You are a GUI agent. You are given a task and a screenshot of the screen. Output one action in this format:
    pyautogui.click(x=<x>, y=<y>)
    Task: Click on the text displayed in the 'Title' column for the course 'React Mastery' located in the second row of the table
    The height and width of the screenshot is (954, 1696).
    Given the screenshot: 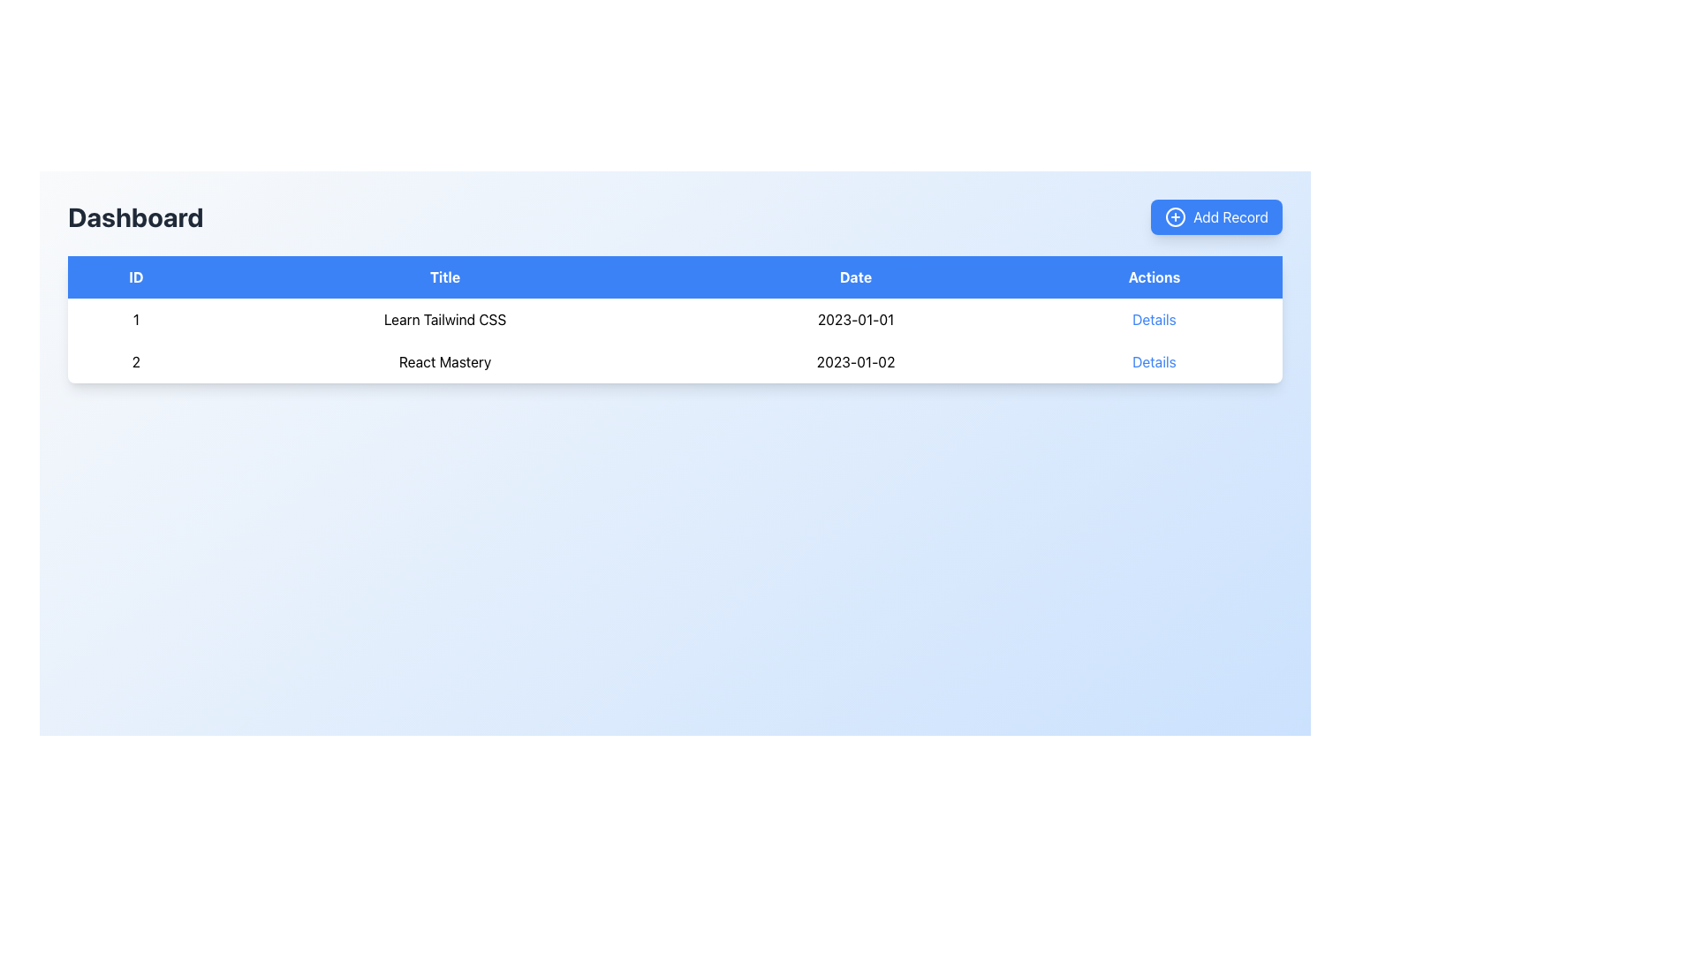 What is the action you would take?
    pyautogui.click(x=445, y=360)
    